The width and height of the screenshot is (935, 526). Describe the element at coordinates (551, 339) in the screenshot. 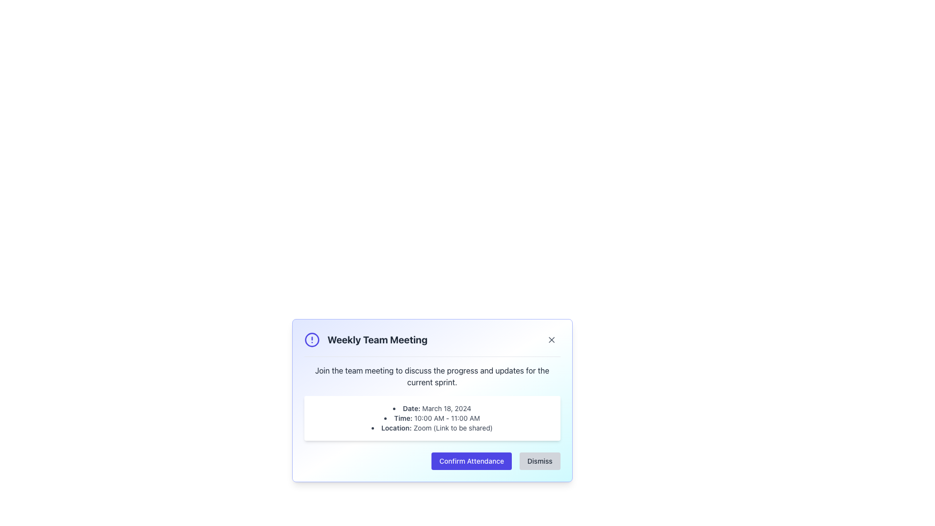

I see `the close ('X') icon in the top-right corner of the 'Weekly Team Meeting' pop-up` at that location.